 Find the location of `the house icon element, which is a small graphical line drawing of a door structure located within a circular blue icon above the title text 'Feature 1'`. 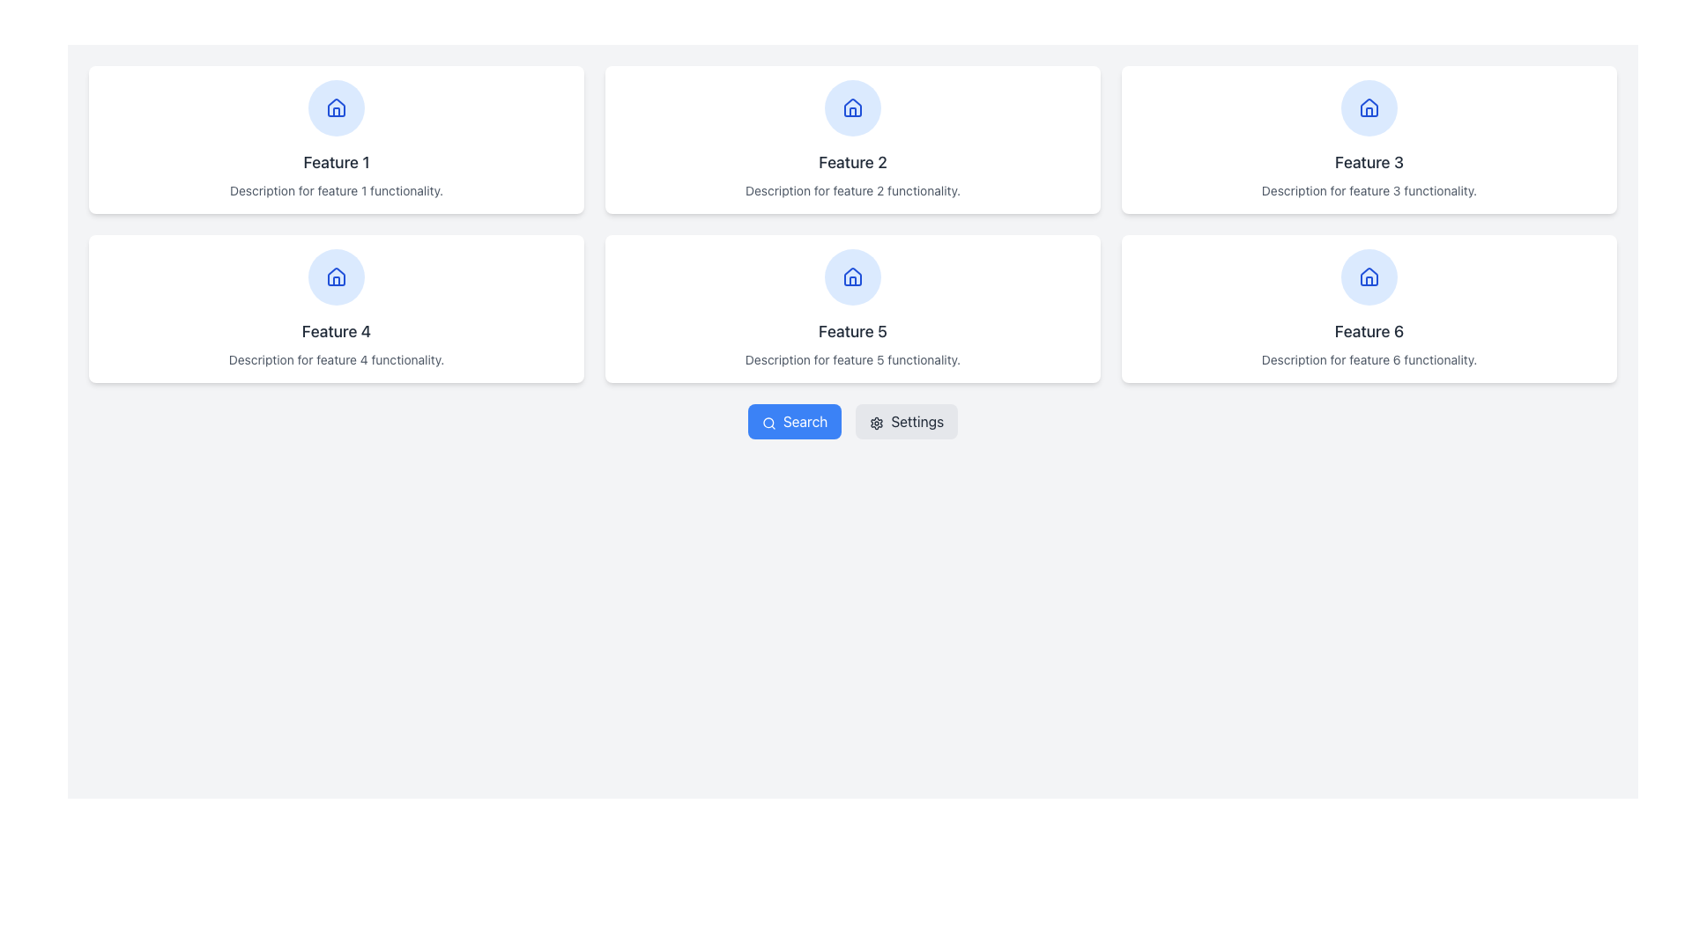

the house icon element, which is a small graphical line drawing of a door structure located within a circular blue icon above the title text 'Feature 1' is located at coordinates (337, 112).